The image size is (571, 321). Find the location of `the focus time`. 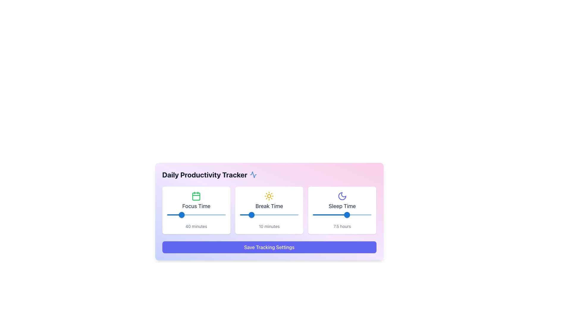

the focus time is located at coordinates (190, 215).